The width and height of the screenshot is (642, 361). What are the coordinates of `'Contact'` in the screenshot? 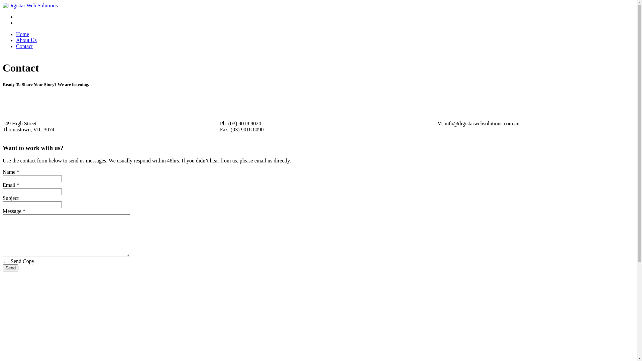 It's located at (24, 46).